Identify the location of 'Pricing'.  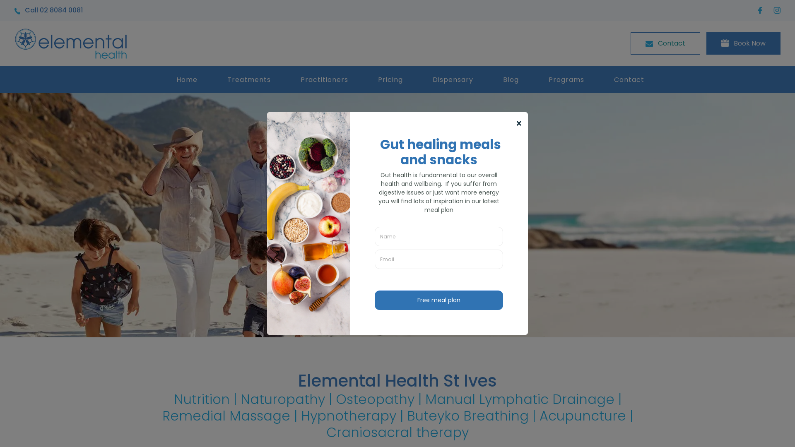
(364, 79).